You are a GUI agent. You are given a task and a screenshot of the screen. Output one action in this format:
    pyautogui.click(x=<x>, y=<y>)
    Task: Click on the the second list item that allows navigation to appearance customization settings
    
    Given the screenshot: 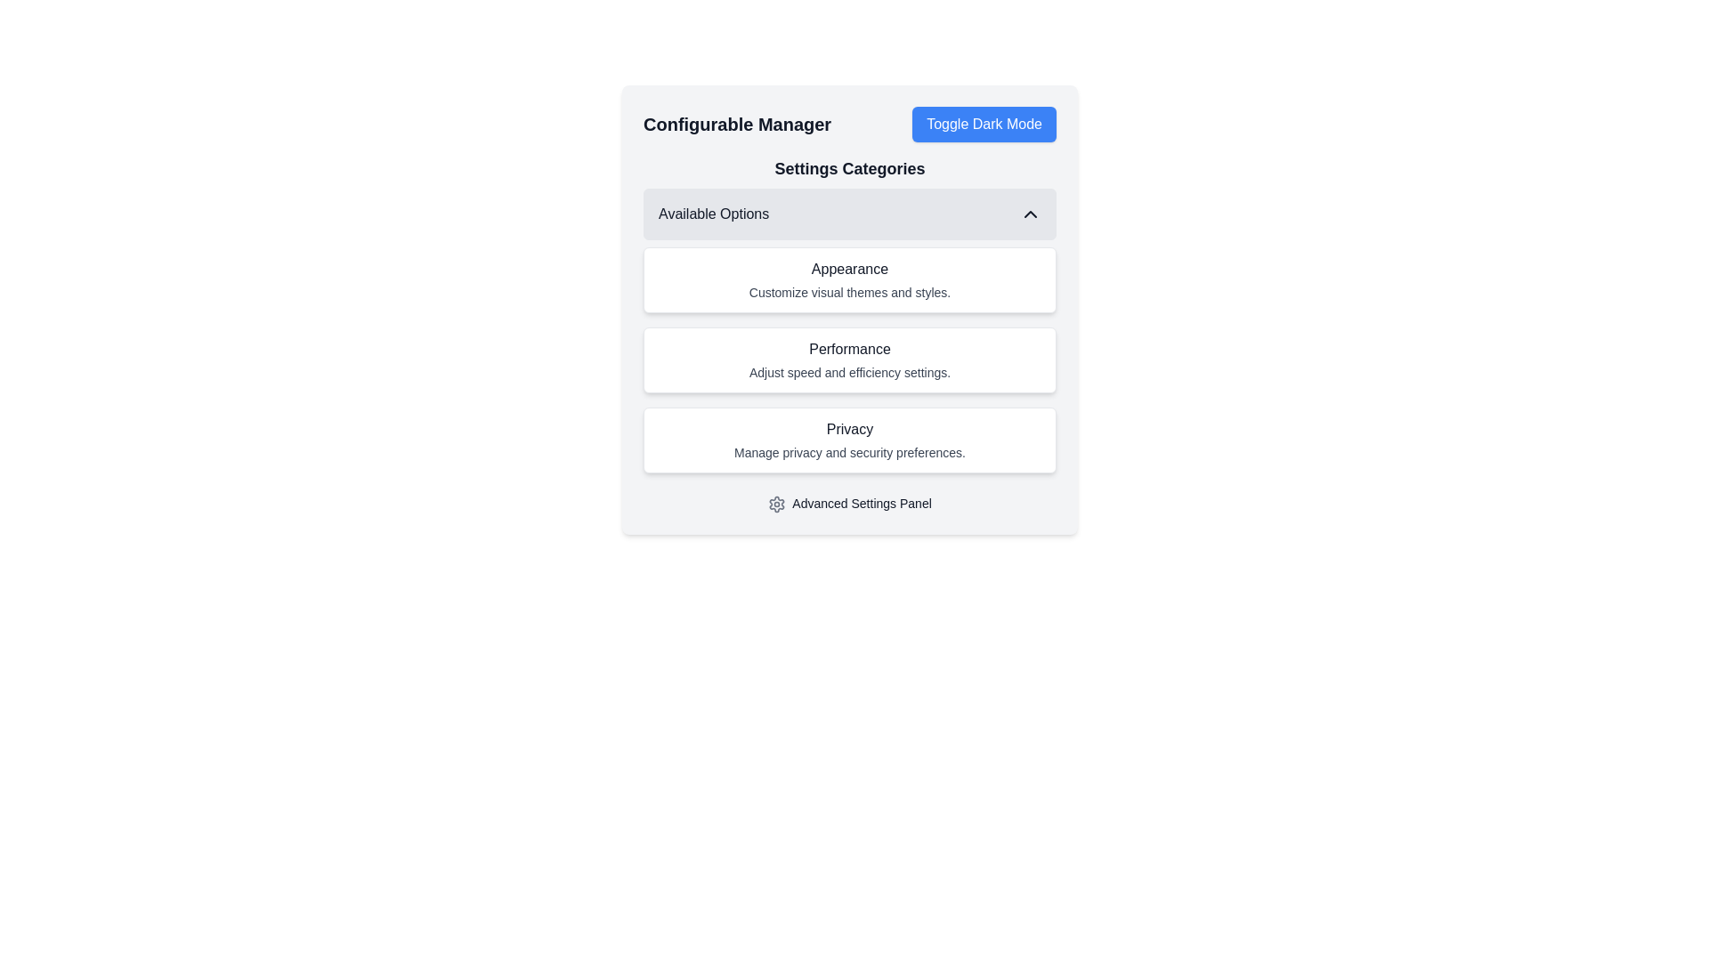 What is the action you would take?
    pyautogui.click(x=849, y=308)
    